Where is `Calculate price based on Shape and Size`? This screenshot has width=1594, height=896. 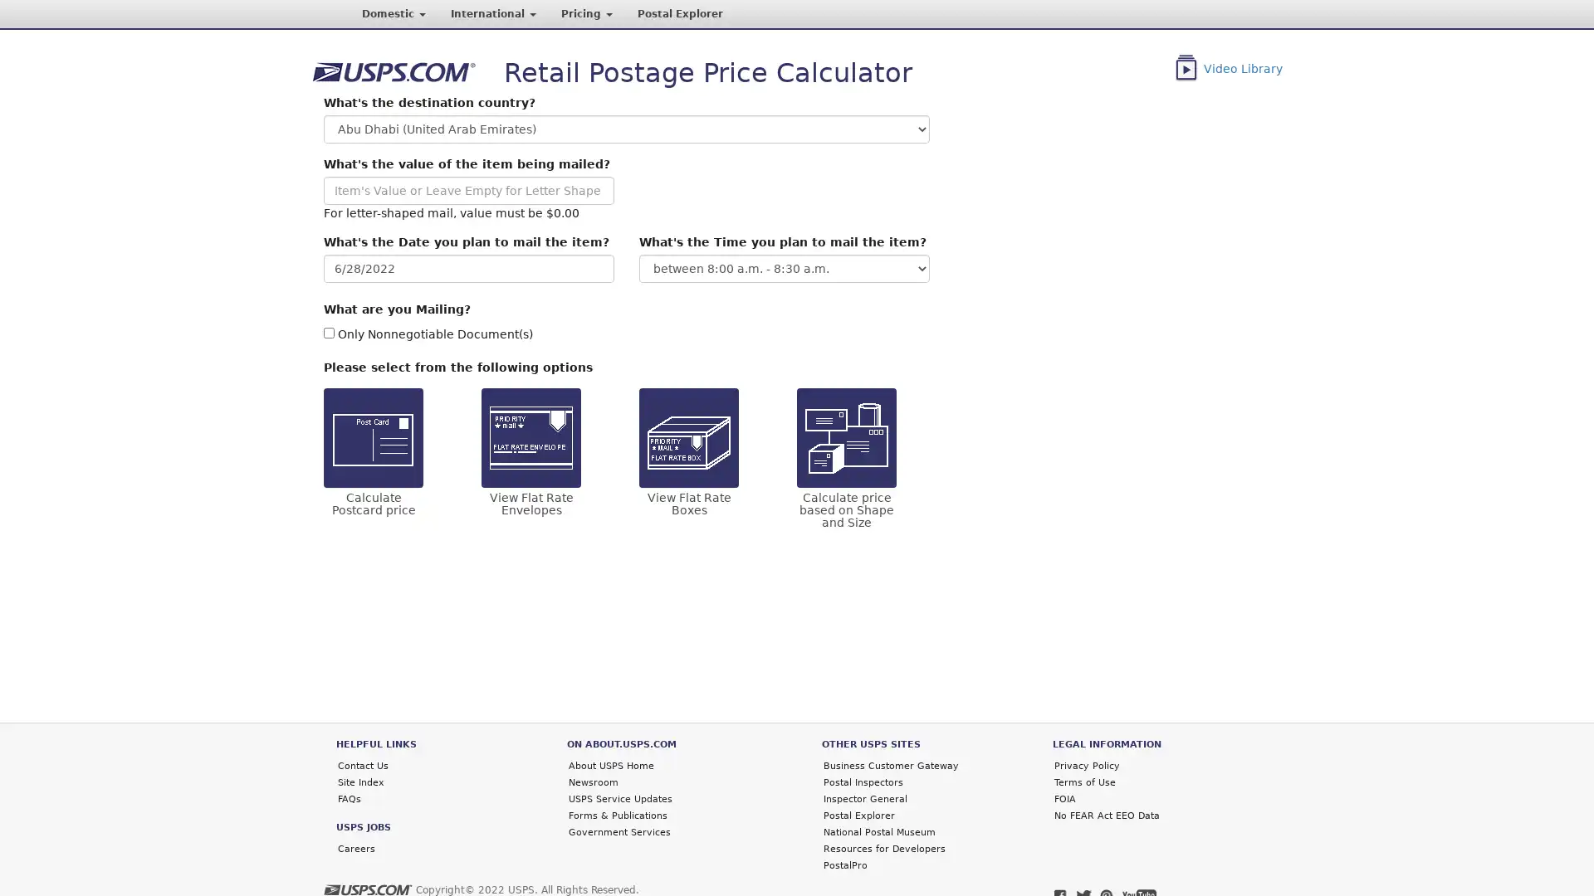
Calculate price based on Shape and Size is located at coordinates (846, 437).